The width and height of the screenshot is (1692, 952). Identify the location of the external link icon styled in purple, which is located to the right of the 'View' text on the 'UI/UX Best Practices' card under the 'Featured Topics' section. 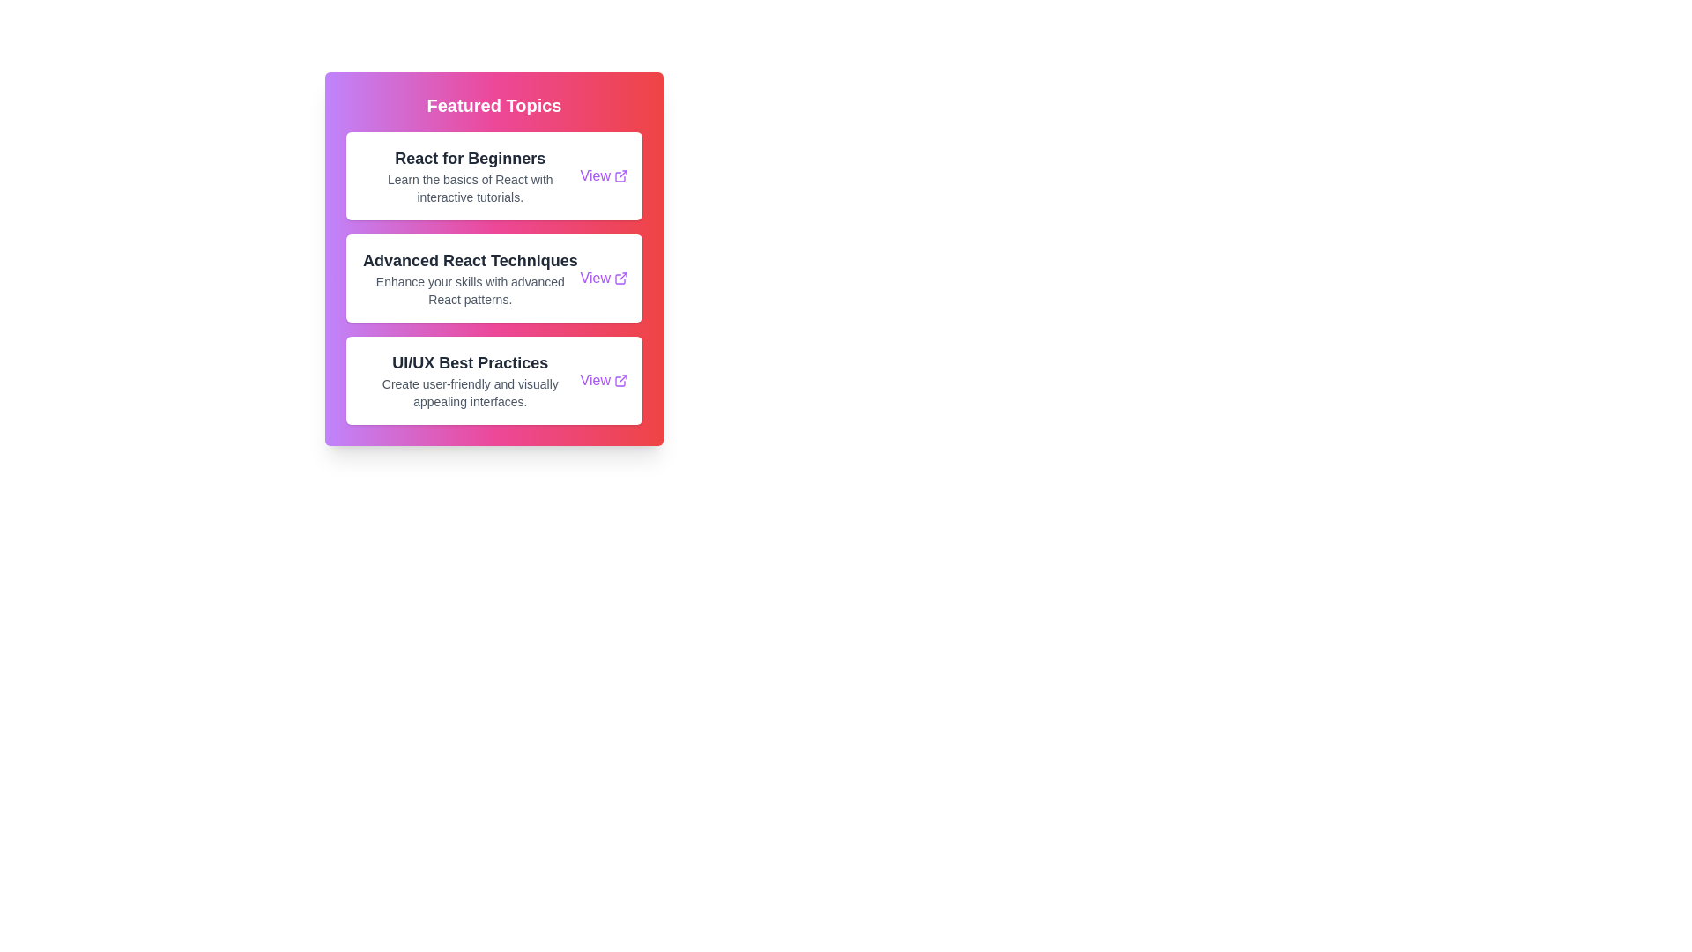
(621, 380).